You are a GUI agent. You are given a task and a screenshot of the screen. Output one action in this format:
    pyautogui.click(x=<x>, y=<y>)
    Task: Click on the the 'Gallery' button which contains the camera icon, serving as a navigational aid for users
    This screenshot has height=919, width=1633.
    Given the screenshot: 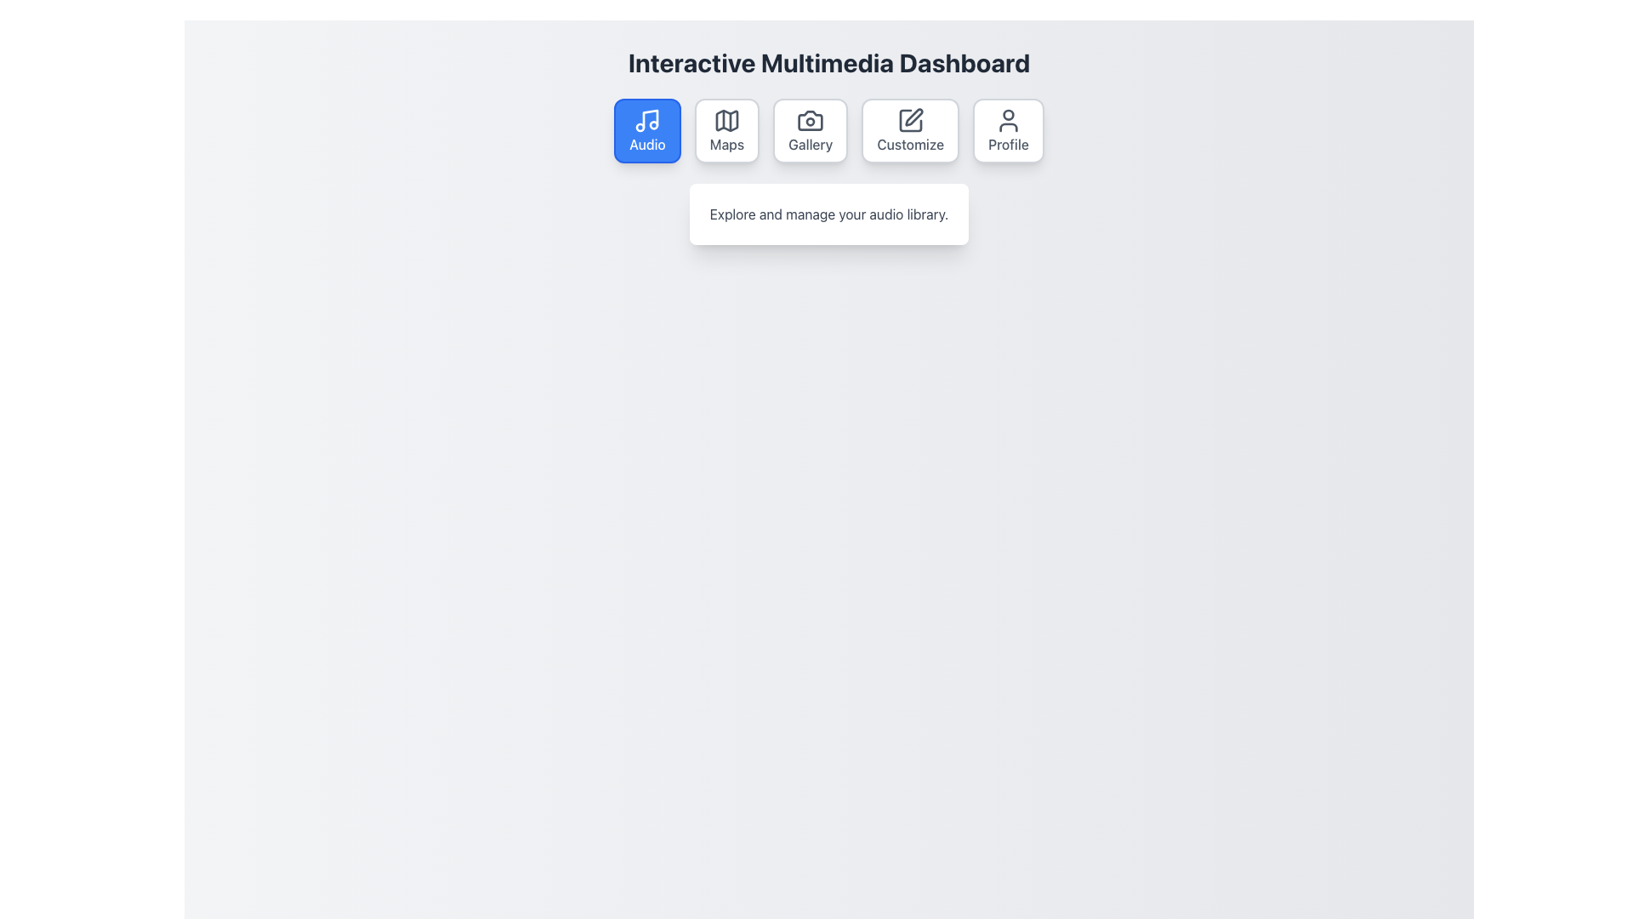 What is the action you would take?
    pyautogui.click(x=810, y=120)
    